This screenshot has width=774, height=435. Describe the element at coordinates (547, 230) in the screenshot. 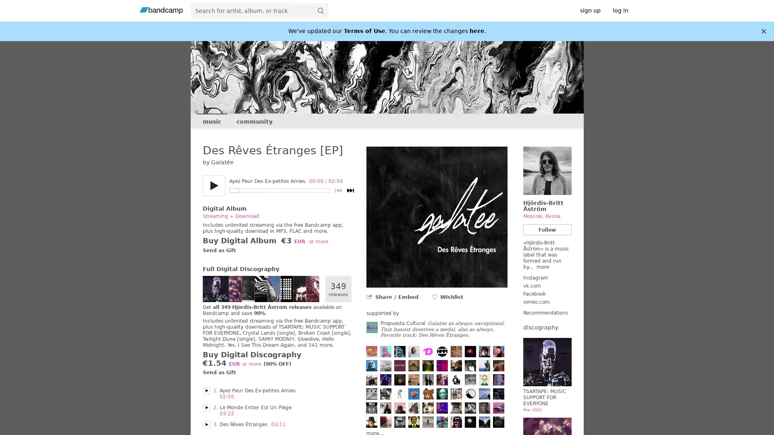

I see `Follow` at that location.